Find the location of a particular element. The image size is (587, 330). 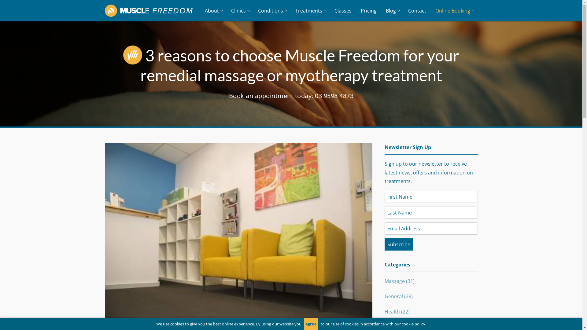

'Subscribe' is located at coordinates (399, 244).